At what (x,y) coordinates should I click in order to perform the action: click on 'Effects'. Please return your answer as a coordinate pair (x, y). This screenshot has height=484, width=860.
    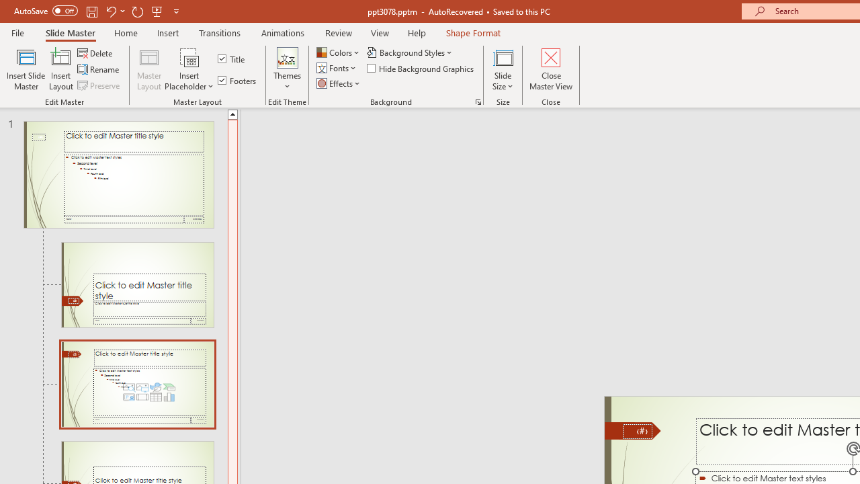
    Looking at the image, I should click on (339, 83).